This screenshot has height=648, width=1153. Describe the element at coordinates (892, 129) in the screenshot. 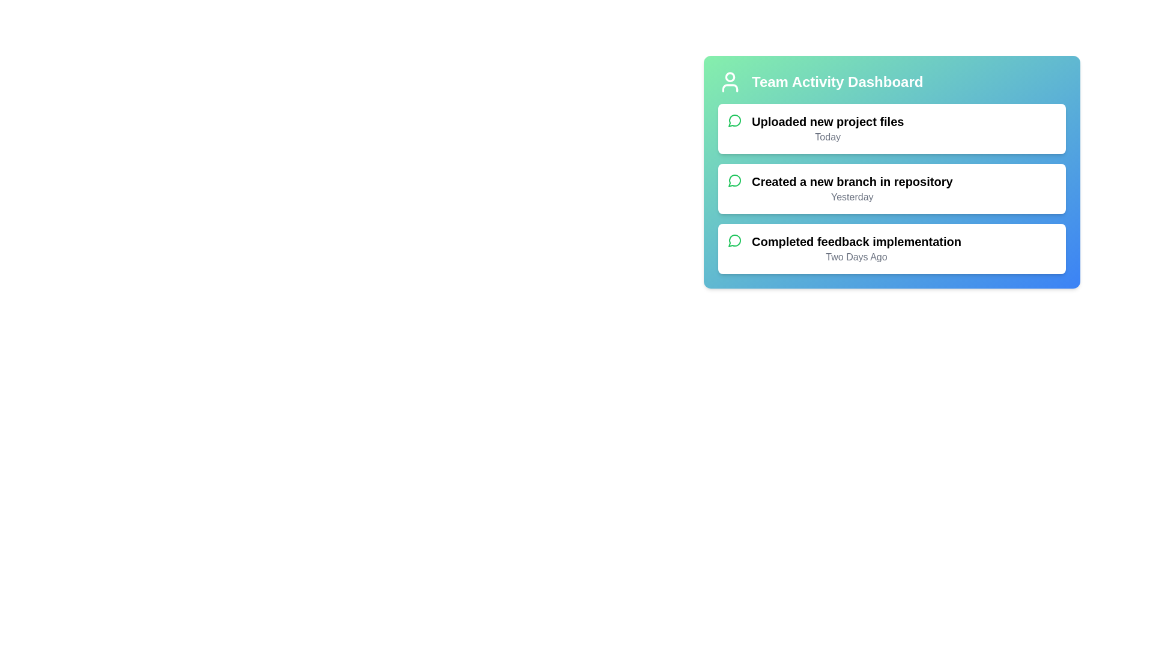

I see `the activity card labeled 'Uploaded new project files' to observe hover effects` at that location.